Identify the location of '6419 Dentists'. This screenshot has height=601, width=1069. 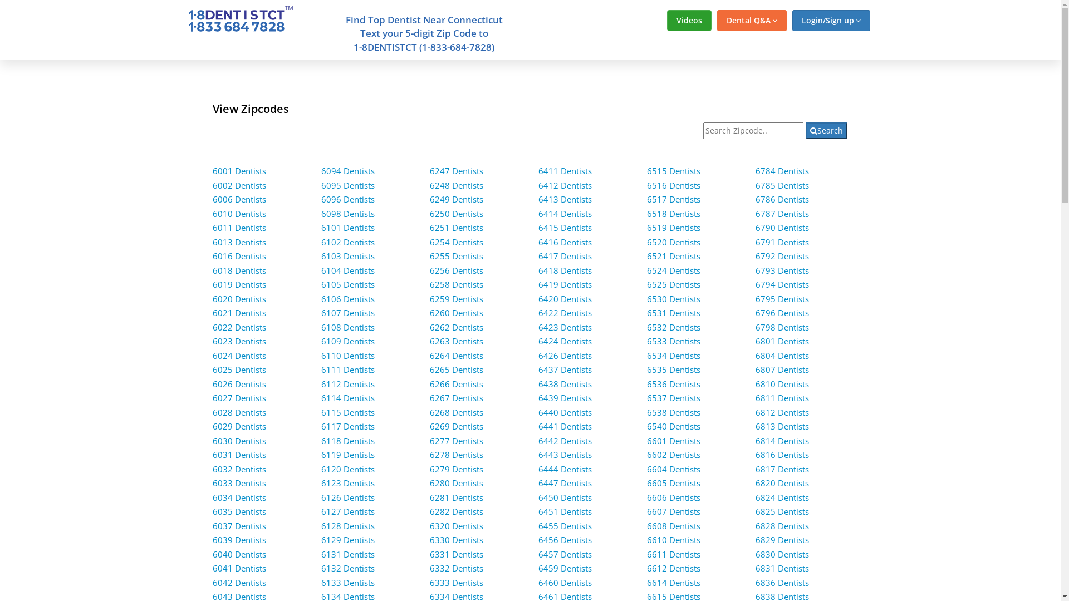
(565, 283).